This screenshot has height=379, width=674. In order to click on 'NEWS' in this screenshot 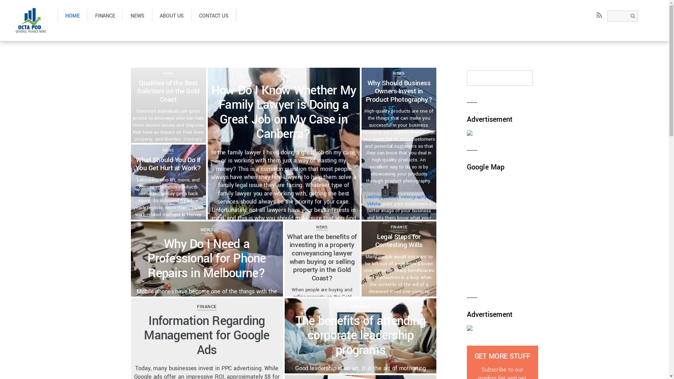, I will do `click(206, 230)`.